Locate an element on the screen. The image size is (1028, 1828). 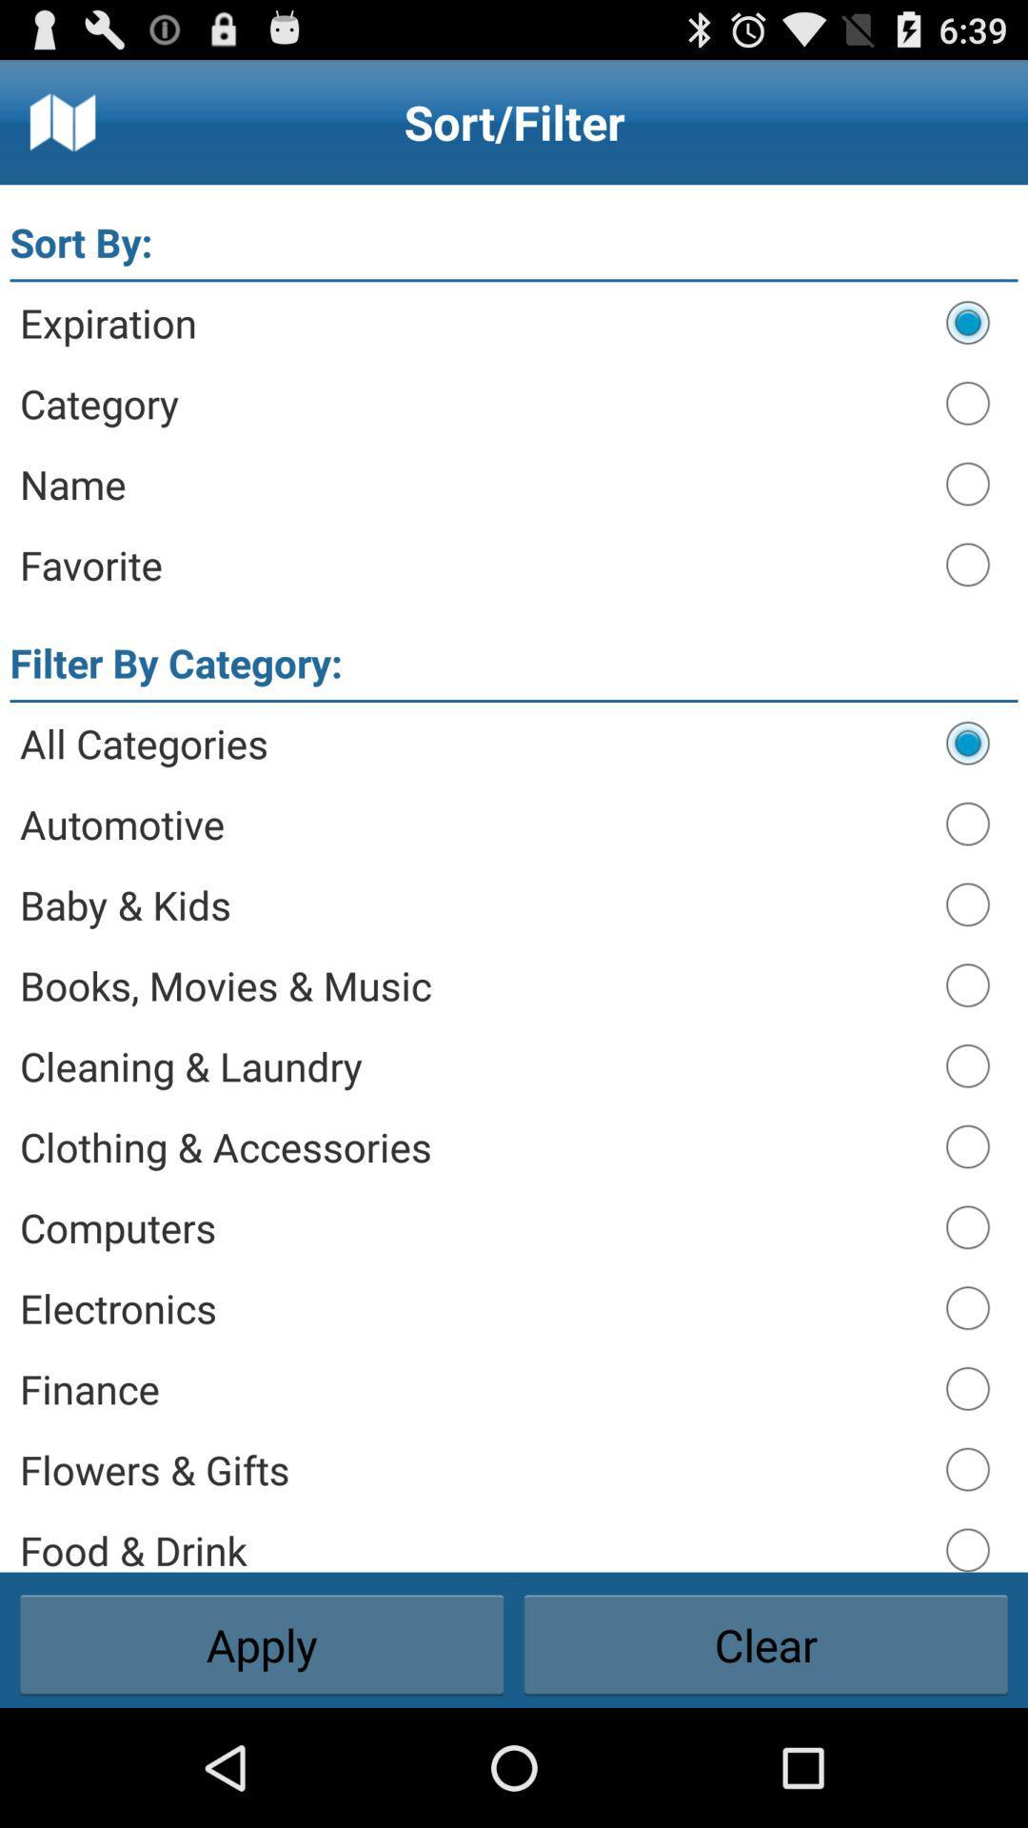
apply is located at coordinates (262, 1644).